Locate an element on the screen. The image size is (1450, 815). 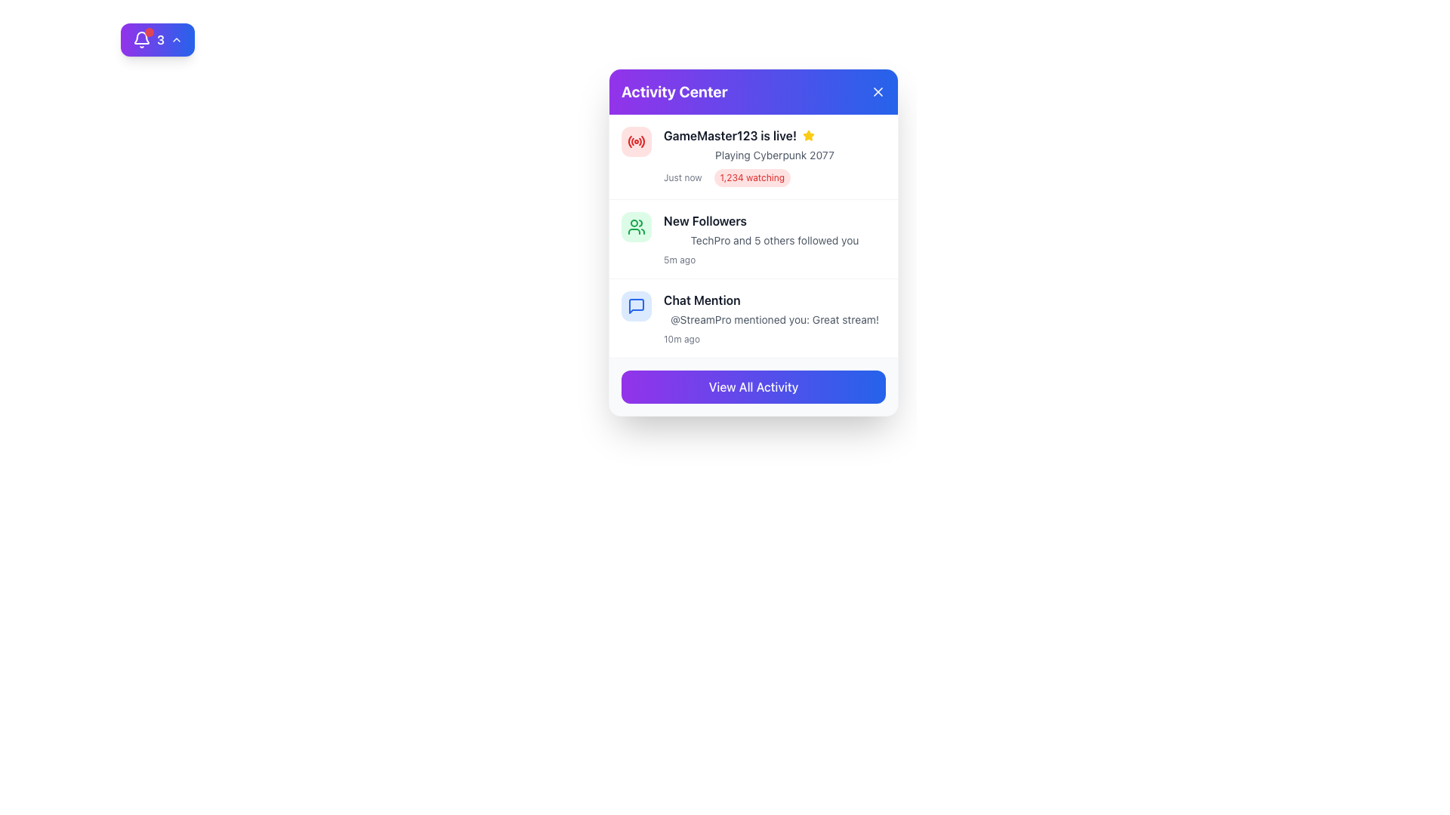
the icon representing new followers located in the left section of the 'New Followers' notification item within the 'Activity Center' panel is located at coordinates (637, 226).